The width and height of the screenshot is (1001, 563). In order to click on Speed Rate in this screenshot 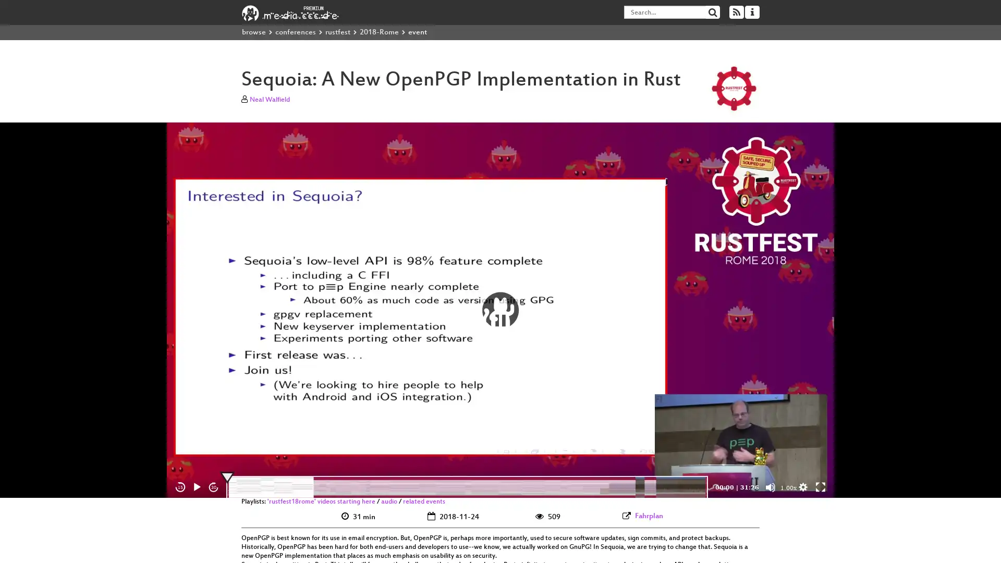, I will do `click(788, 488)`.